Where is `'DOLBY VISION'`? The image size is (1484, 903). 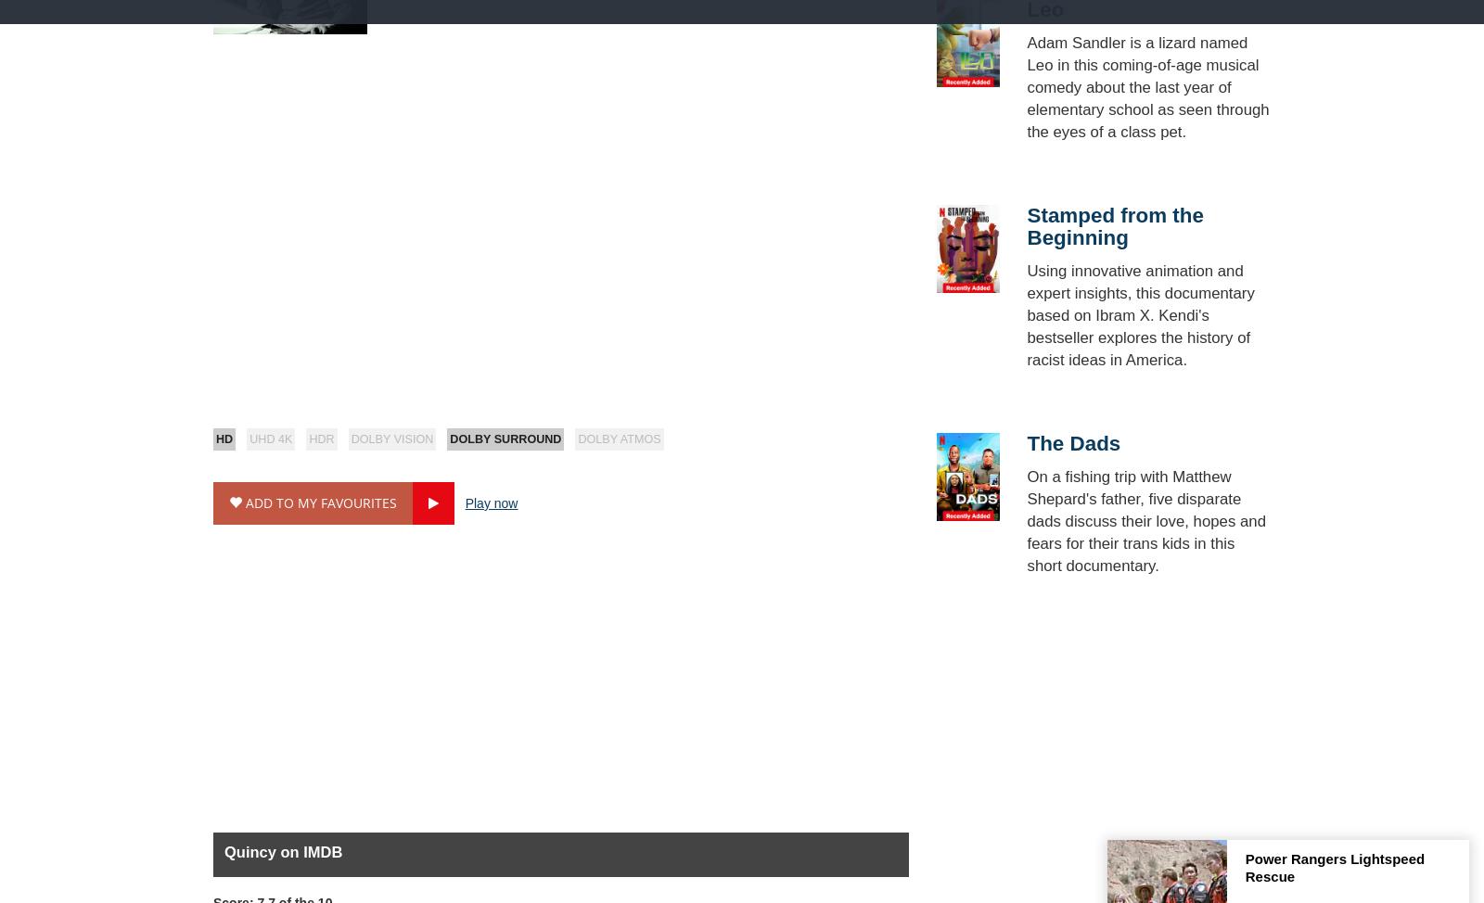
'DOLBY VISION' is located at coordinates (350, 439).